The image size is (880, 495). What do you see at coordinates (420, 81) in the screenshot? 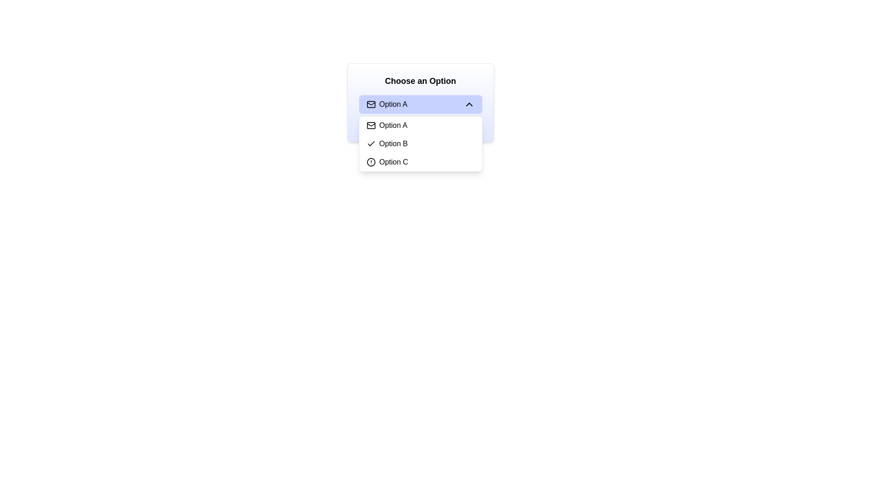
I see `the text heading element that reads 'Choose an Option', which is styled with a bold and large font and positioned above the dropdown options` at bounding box center [420, 81].